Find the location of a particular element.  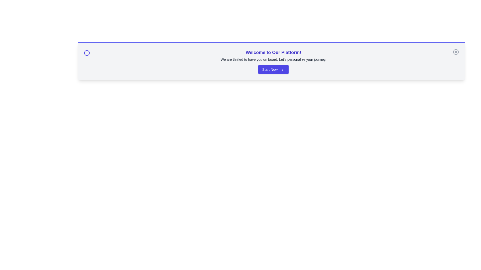

the close button to dismiss the alert is located at coordinates (456, 52).